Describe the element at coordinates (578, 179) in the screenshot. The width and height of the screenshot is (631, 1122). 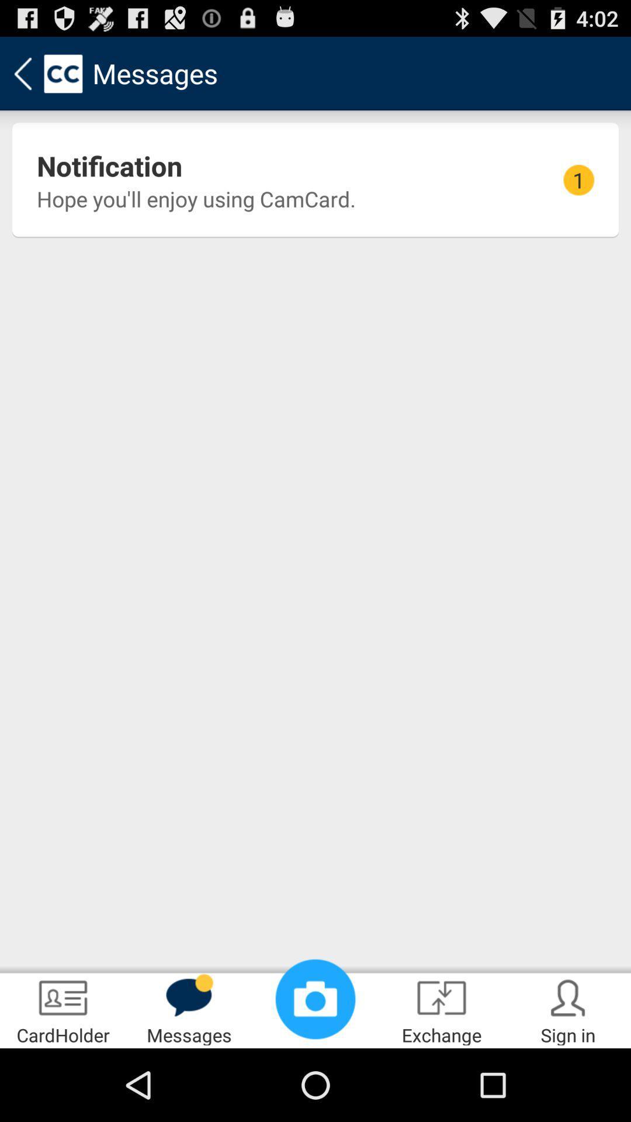
I see `the app to the right of the hope you ll` at that location.